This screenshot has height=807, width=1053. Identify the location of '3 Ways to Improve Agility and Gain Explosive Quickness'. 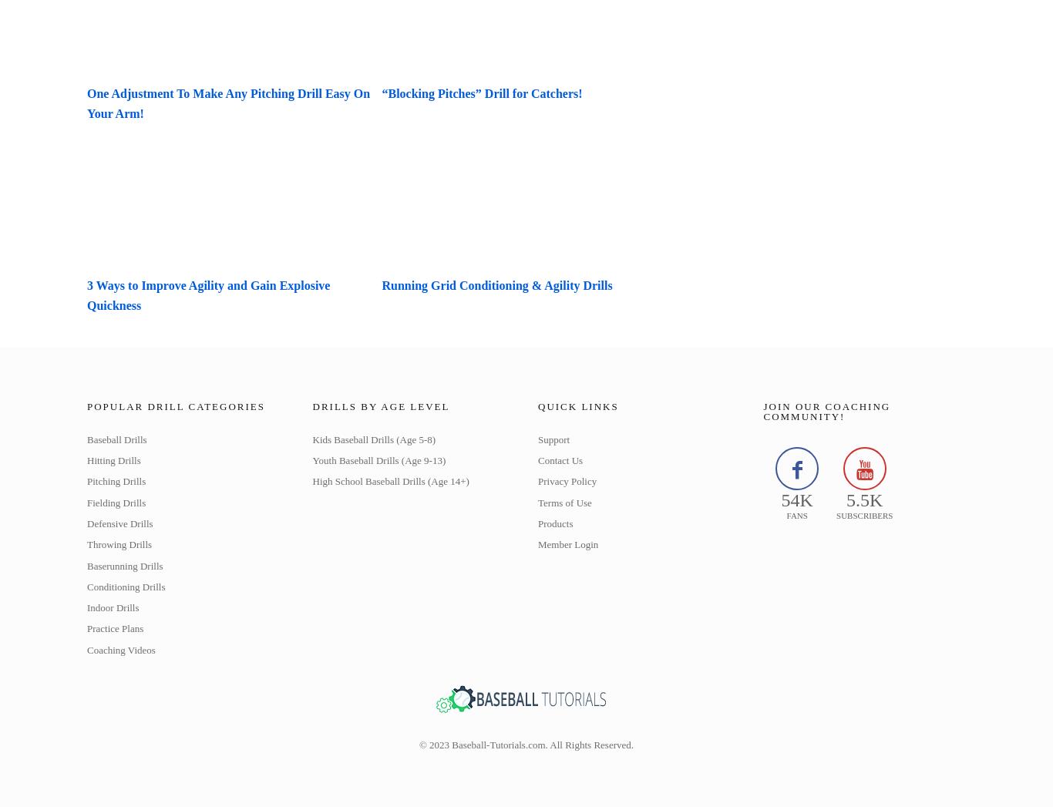
(86, 294).